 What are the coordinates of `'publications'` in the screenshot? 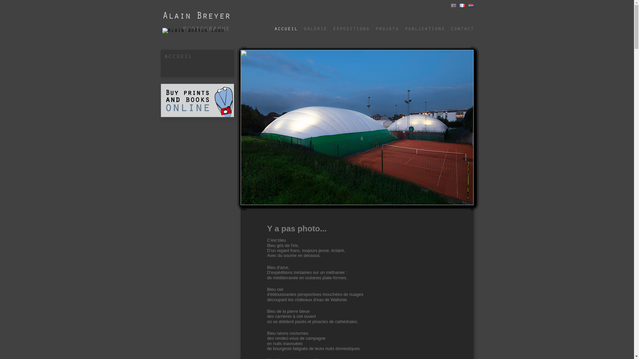 It's located at (424, 25).